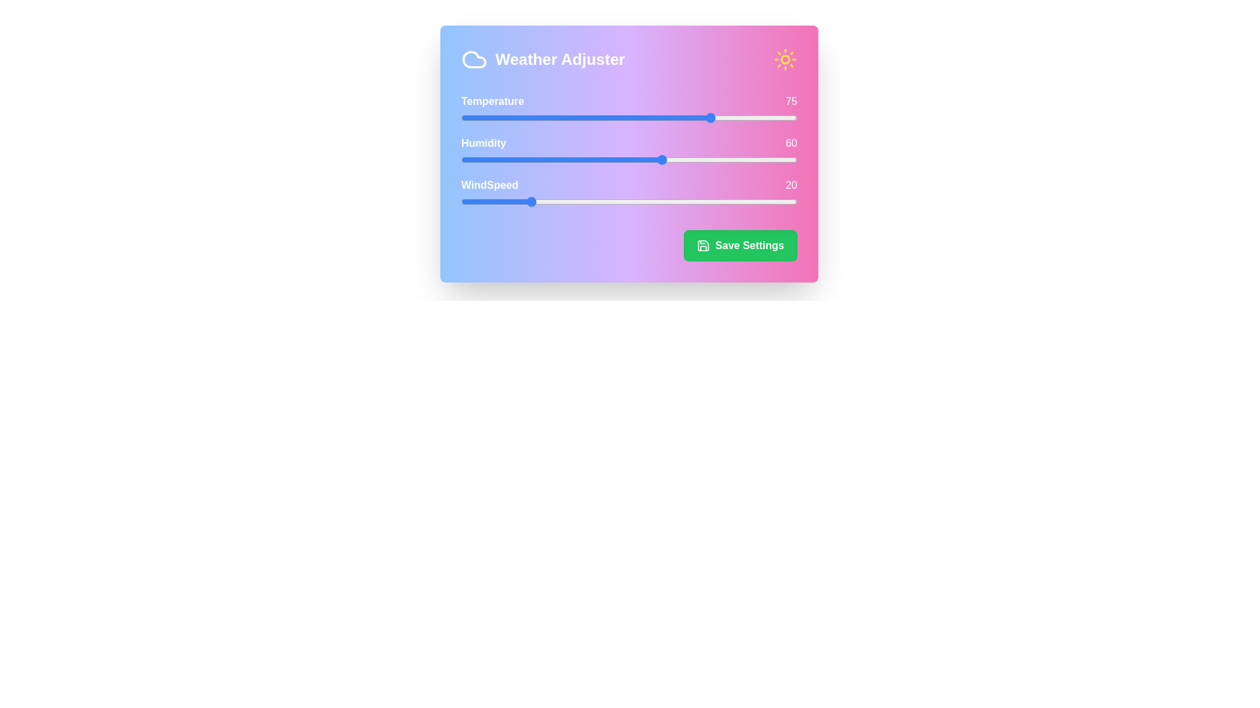 The height and width of the screenshot is (708, 1260). What do you see at coordinates (588, 118) in the screenshot?
I see `the temperature slider` at bounding box center [588, 118].